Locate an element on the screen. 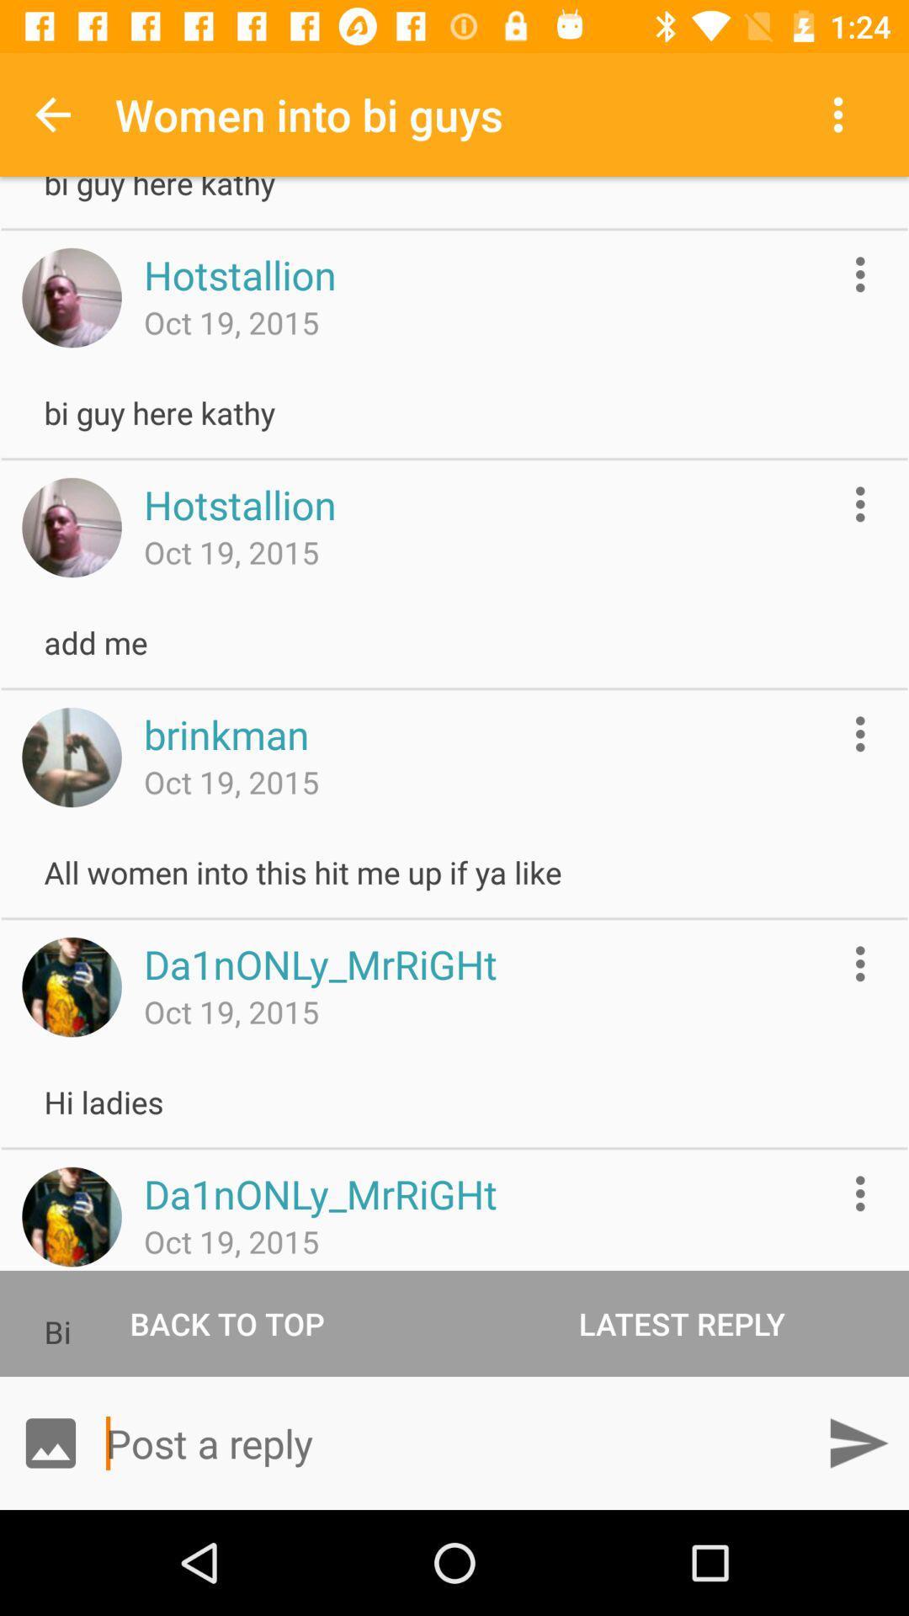 This screenshot has height=1616, width=909. get more information is located at coordinates (860, 1193).